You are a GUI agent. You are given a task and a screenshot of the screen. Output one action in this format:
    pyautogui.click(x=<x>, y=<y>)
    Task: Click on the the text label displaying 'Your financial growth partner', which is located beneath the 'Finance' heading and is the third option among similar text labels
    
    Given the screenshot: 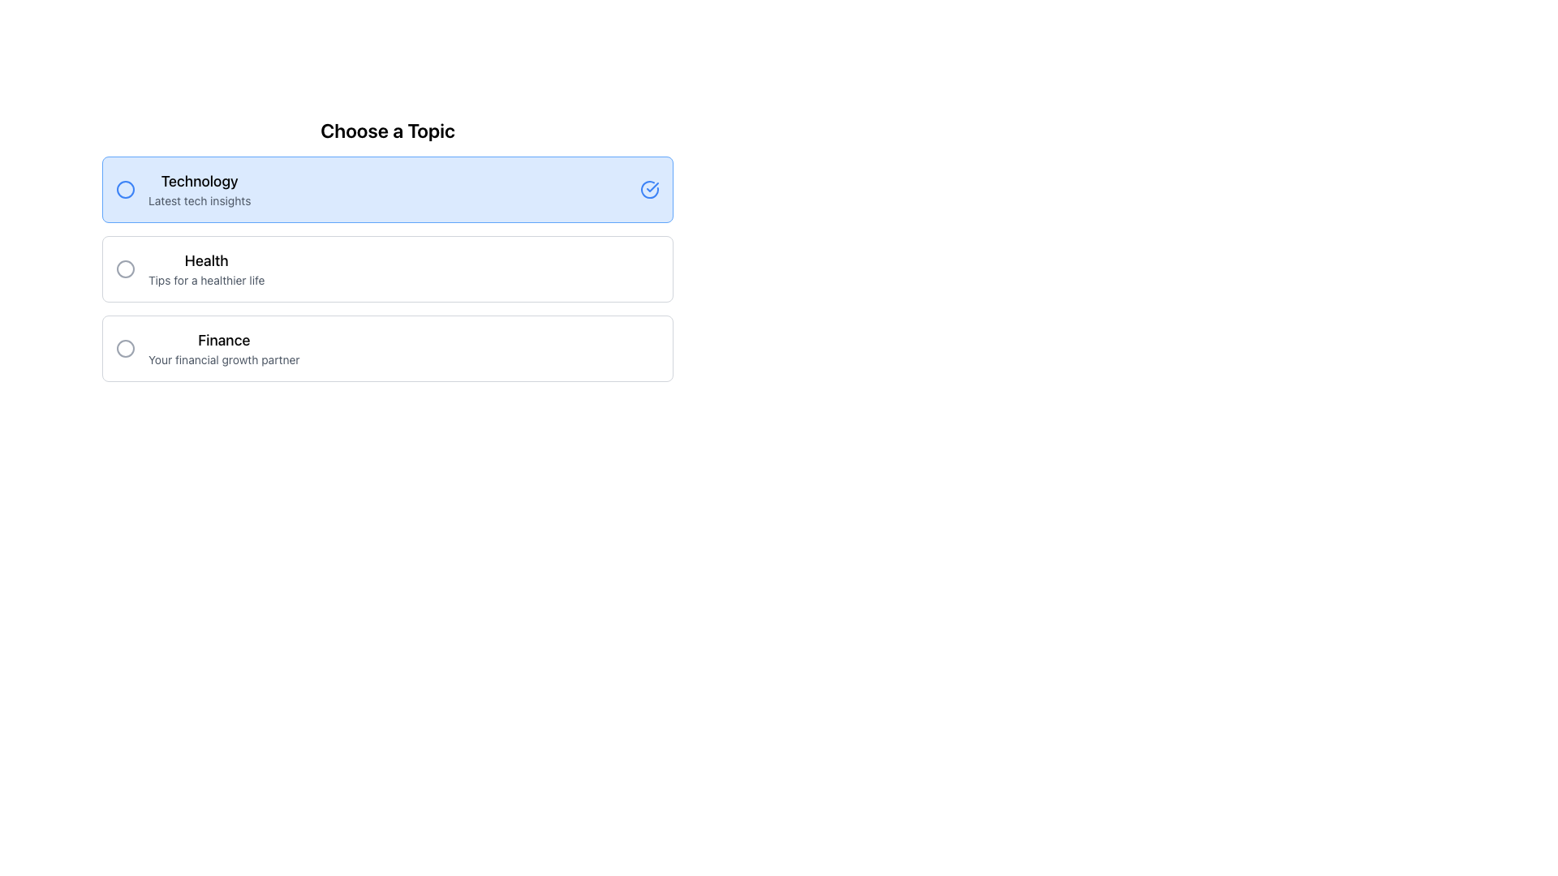 What is the action you would take?
    pyautogui.click(x=223, y=359)
    